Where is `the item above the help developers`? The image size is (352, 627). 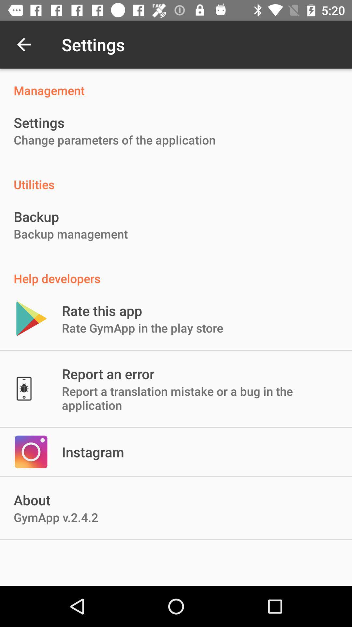 the item above the help developers is located at coordinates (71, 234).